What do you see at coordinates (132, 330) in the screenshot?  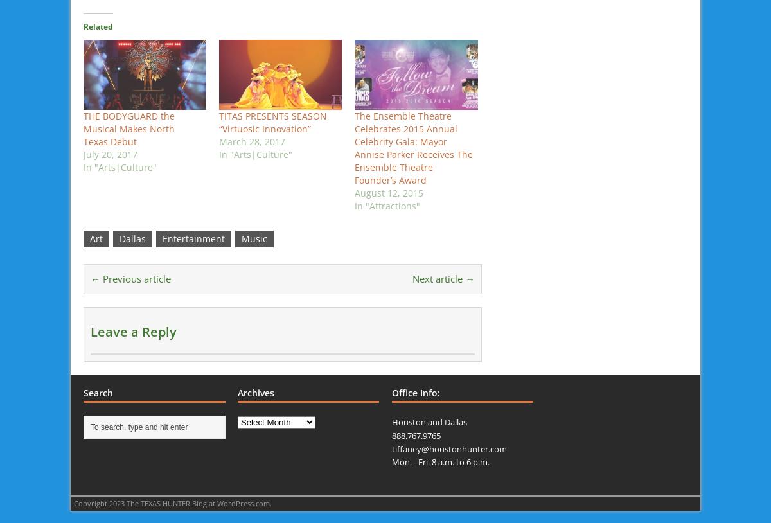 I see `'Leave a Reply'` at bounding box center [132, 330].